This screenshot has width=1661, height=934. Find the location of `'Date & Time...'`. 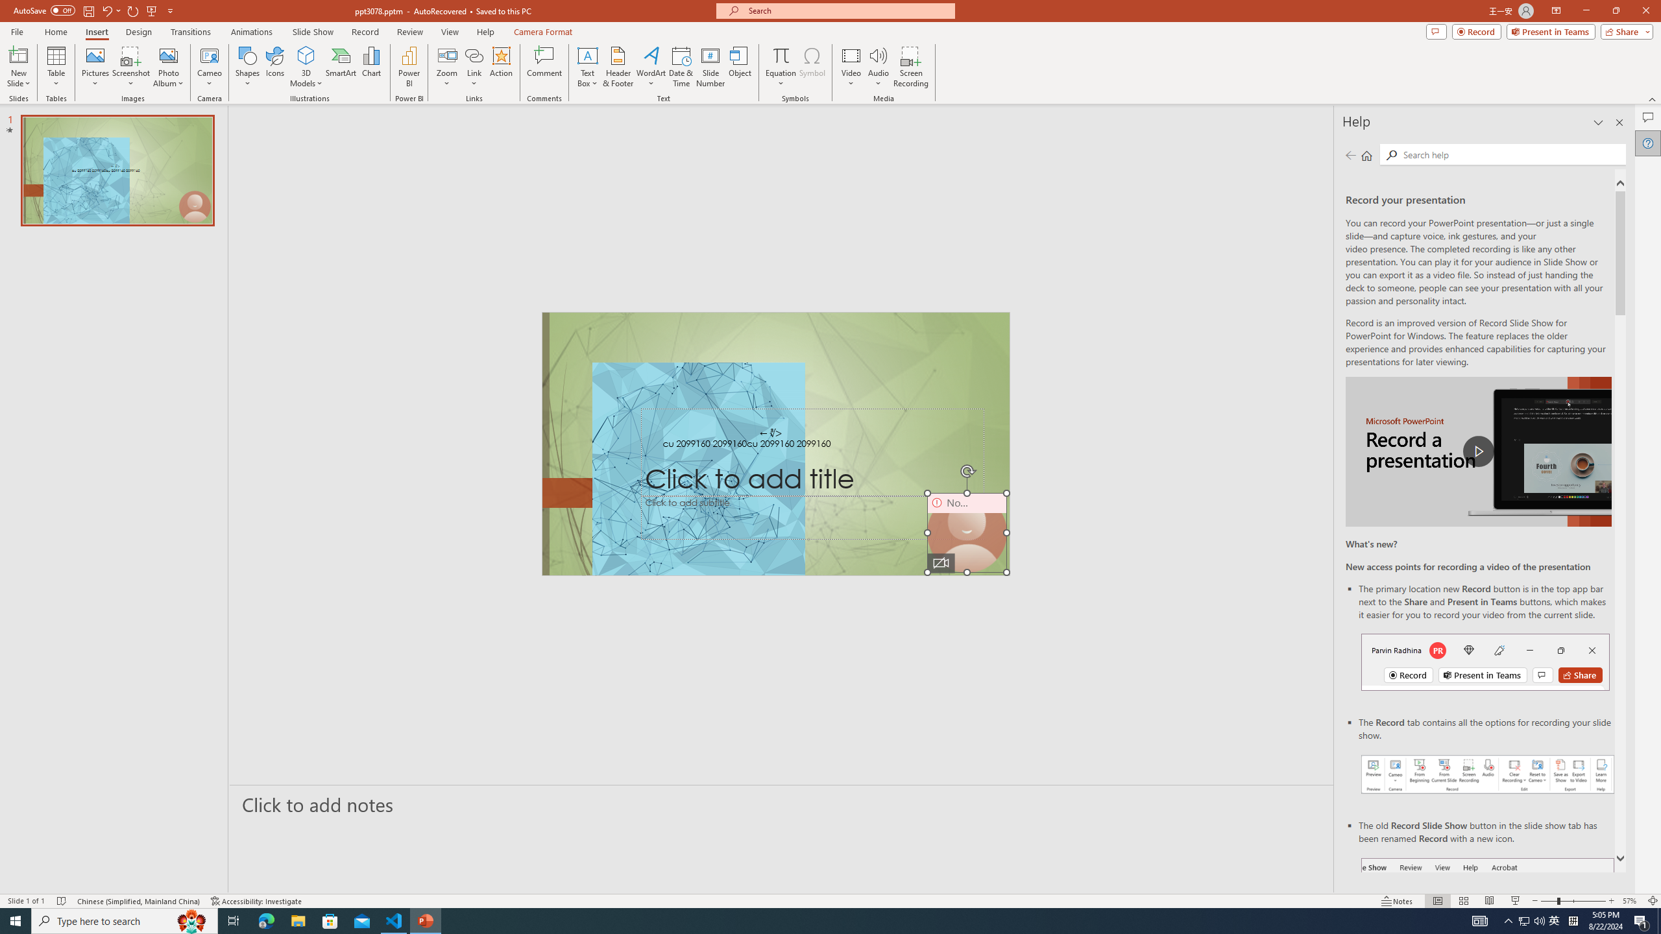

'Date & Time...' is located at coordinates (680, 67).